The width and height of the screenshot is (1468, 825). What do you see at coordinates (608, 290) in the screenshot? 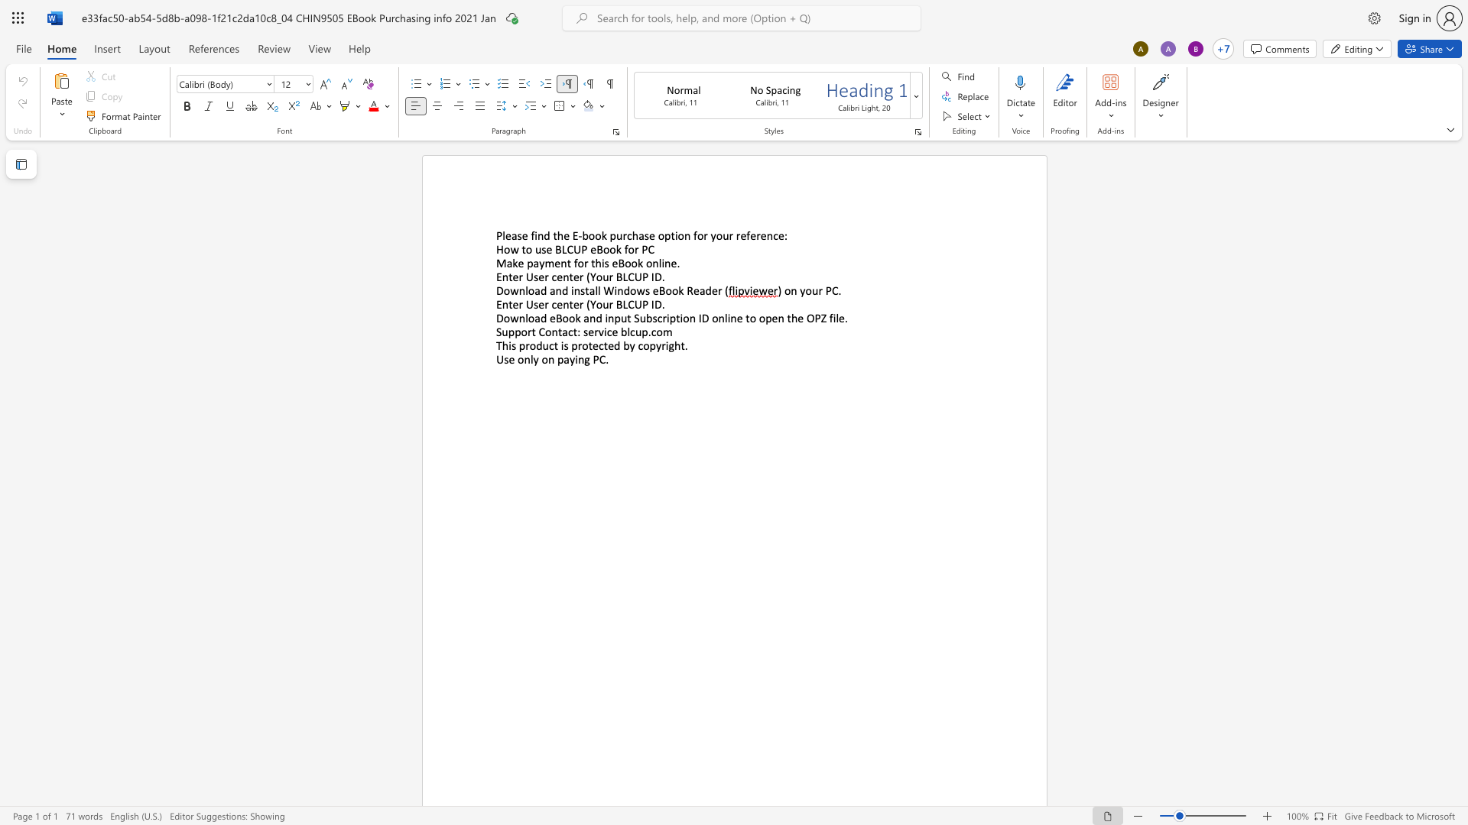
I see `the 1th character "W" in the text` at bounding box center [608, 290].